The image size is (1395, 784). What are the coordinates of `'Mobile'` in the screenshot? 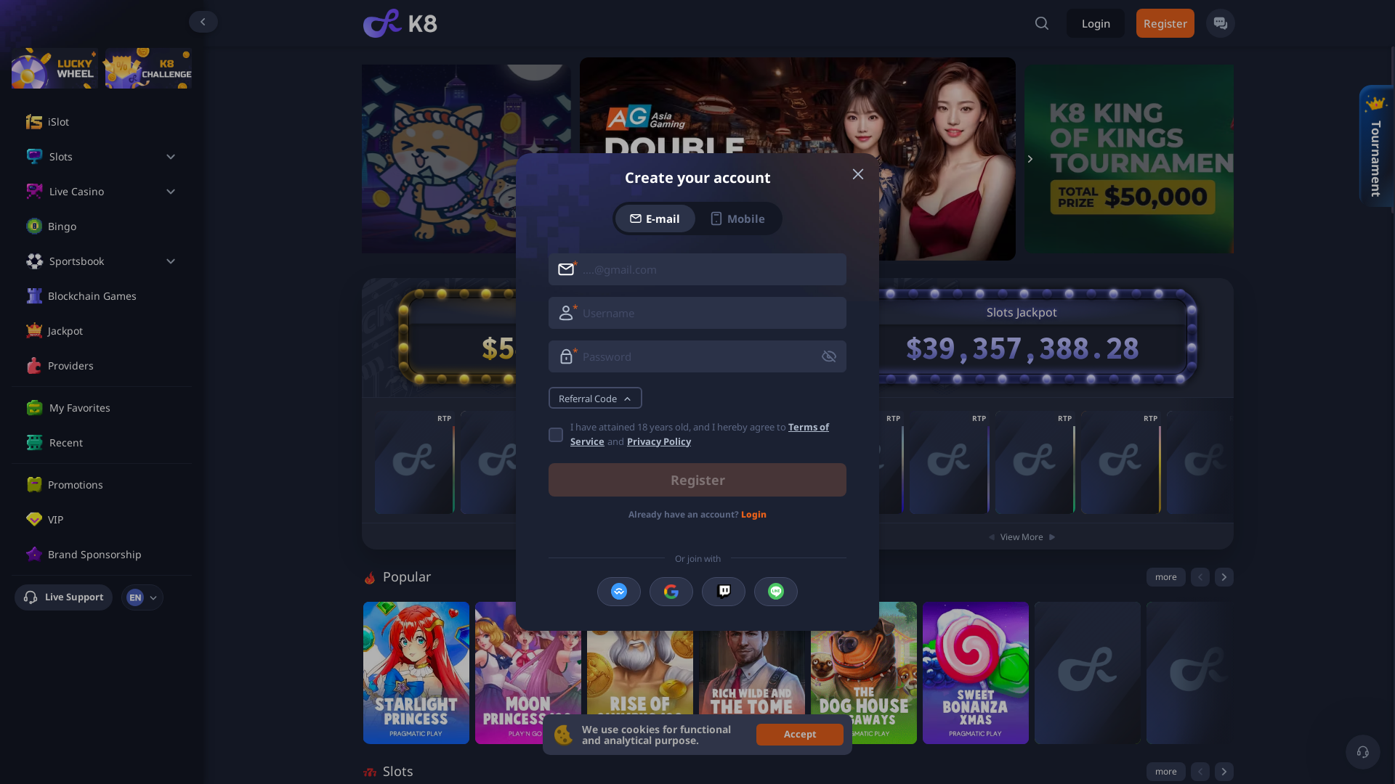 It's located at (737, 218).